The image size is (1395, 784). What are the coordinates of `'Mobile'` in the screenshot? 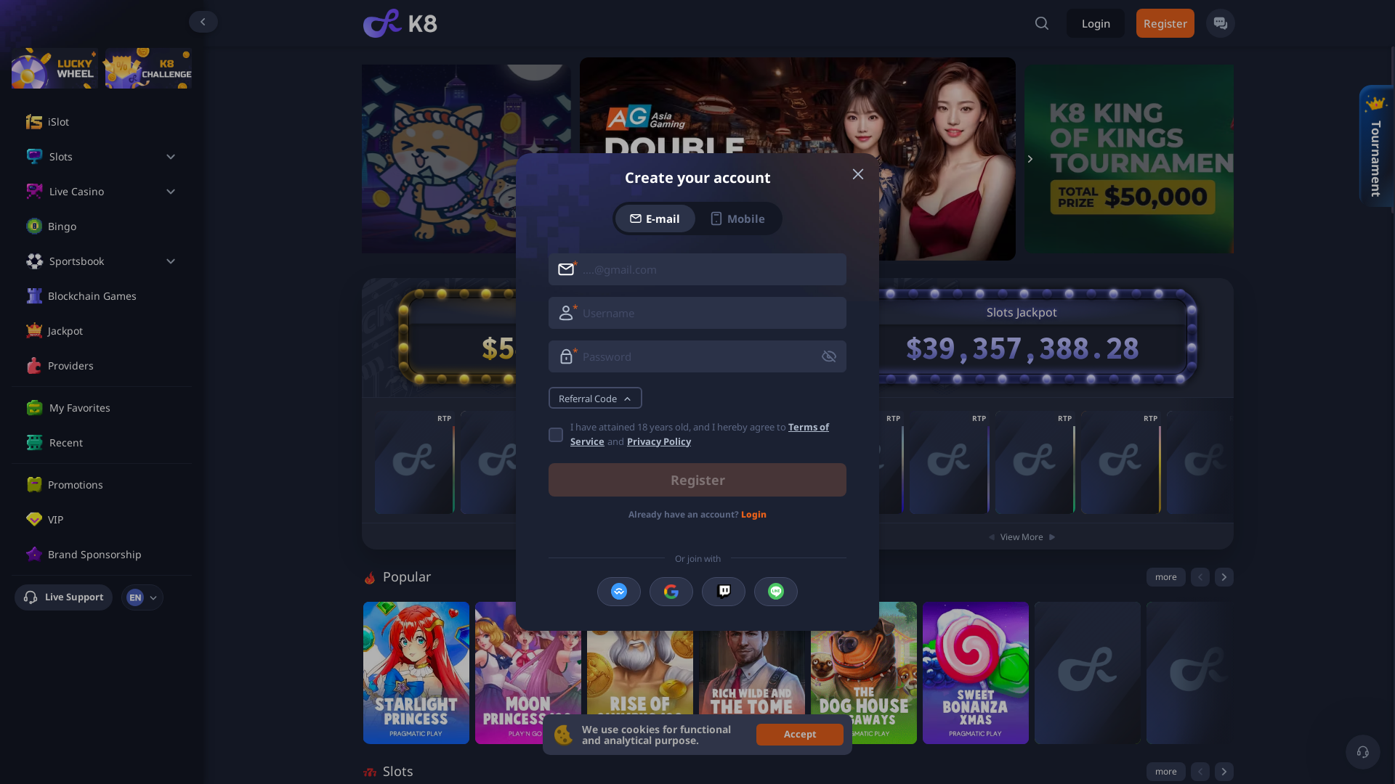 It's located at (737, 218).